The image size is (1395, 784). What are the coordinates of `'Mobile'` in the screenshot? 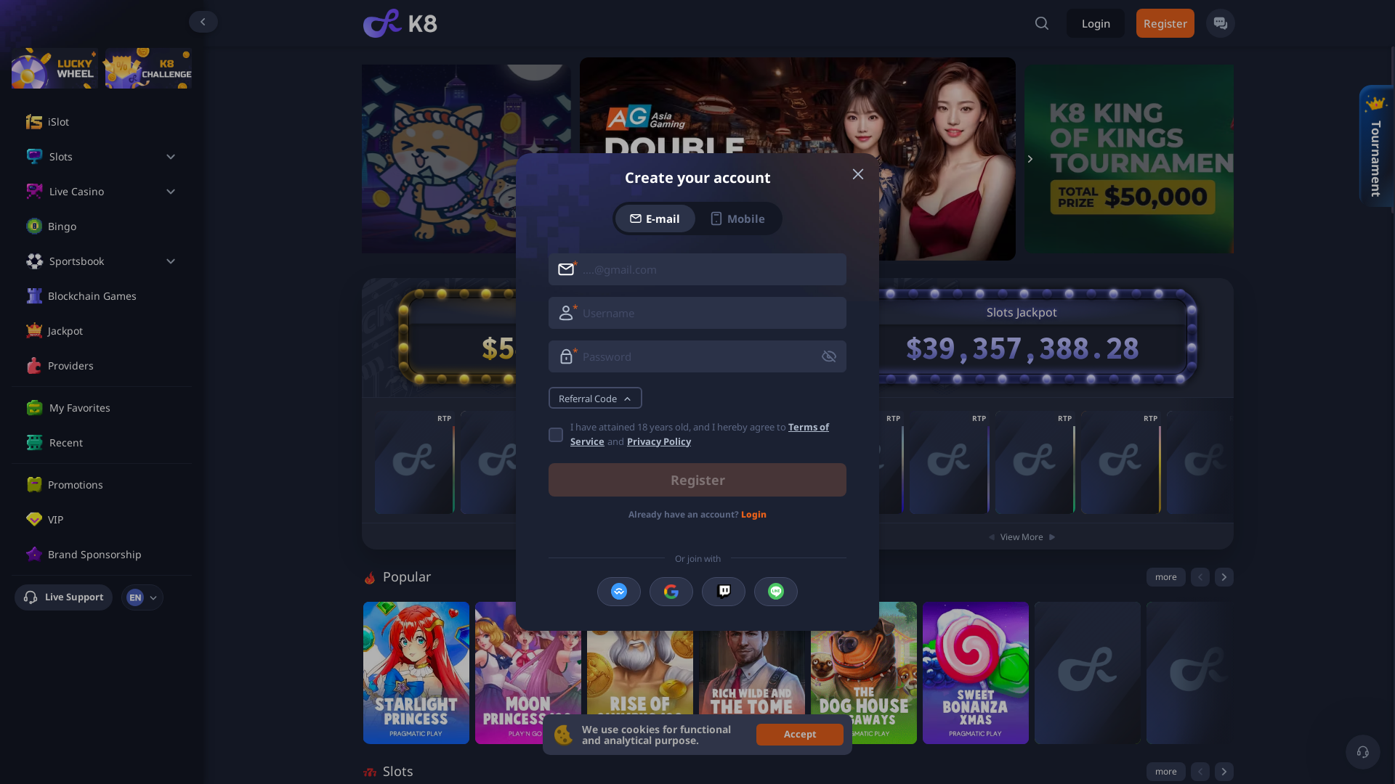 It's located at (737, 218).